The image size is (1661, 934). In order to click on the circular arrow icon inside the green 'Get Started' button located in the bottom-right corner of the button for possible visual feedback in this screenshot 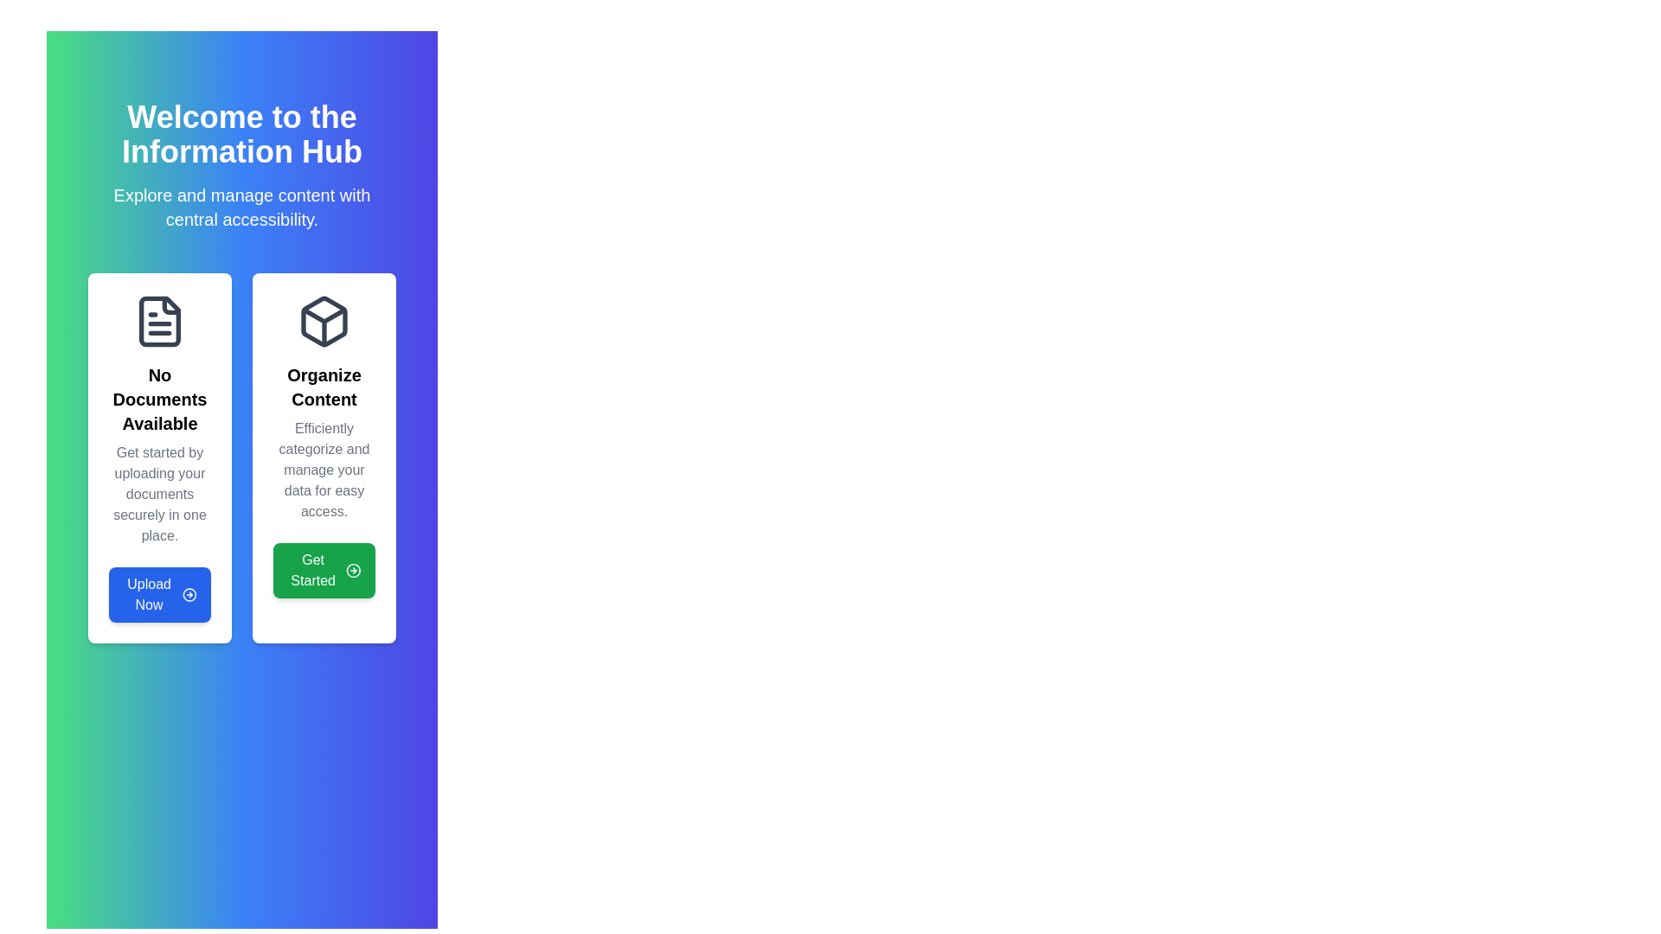, I will do `click(353, 570)`.